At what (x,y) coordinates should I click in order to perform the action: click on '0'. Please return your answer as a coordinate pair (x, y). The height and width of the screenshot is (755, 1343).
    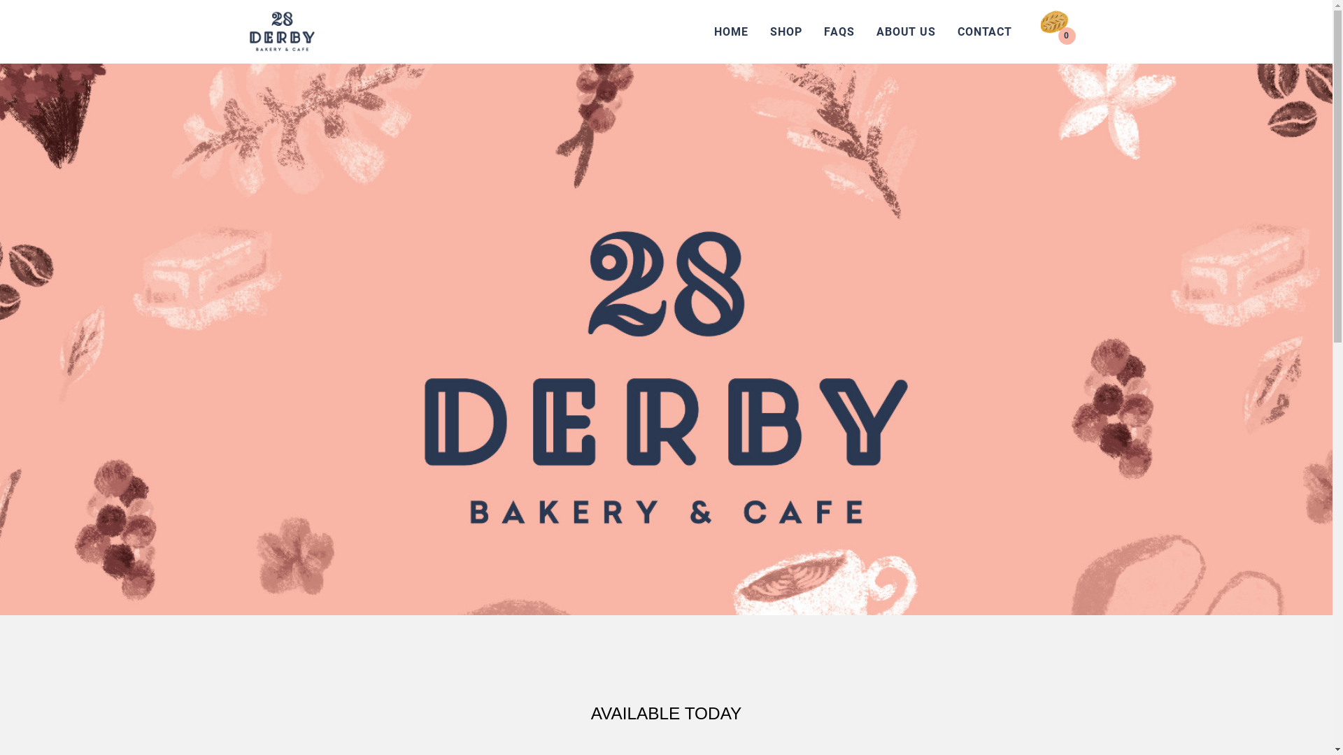
    Looking at the image, I should click on (1054, 35).